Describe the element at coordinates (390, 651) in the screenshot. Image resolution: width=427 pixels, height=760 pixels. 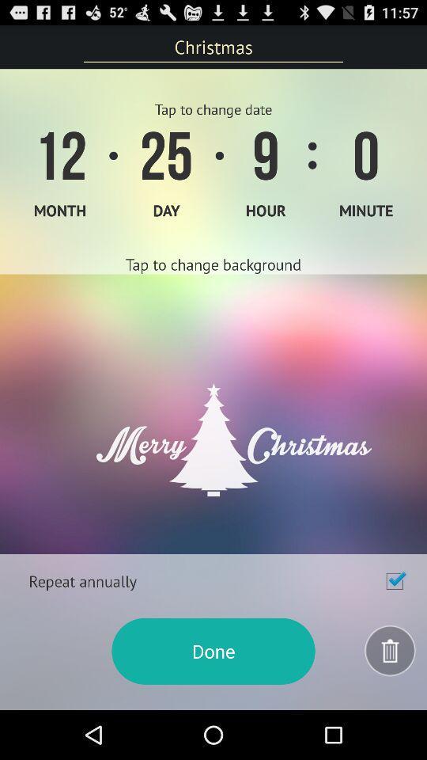
I see `icon next to done` at that location.